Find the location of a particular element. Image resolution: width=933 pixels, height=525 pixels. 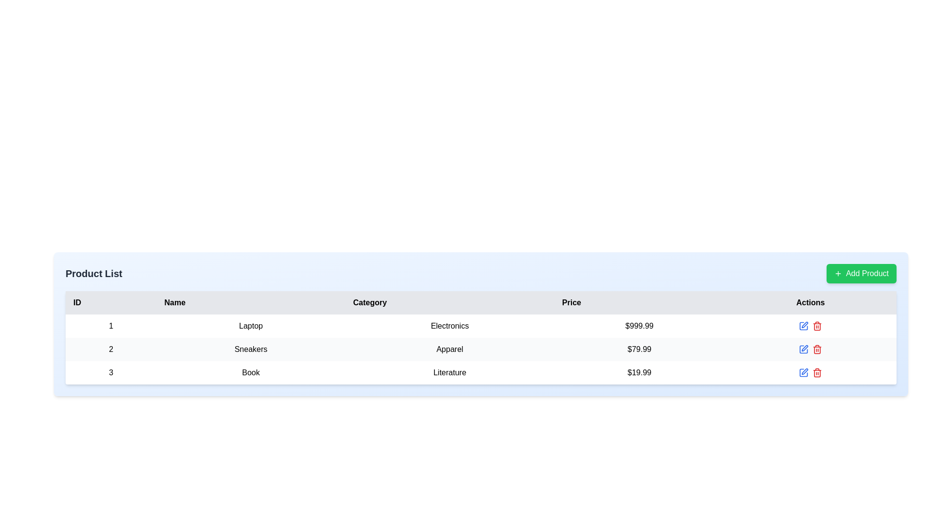

the 'Actions' column header text label, which is the last column in the table header, located to the far right and aligned above action-related elements is located at coordinates (811, 302).